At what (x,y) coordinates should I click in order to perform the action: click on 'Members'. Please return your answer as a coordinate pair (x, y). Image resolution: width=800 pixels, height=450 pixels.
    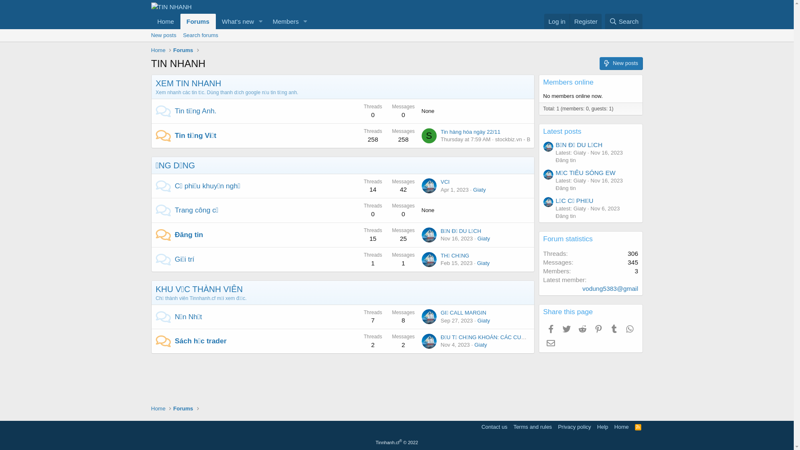
    Looking at the image, I should click on (282, 21).